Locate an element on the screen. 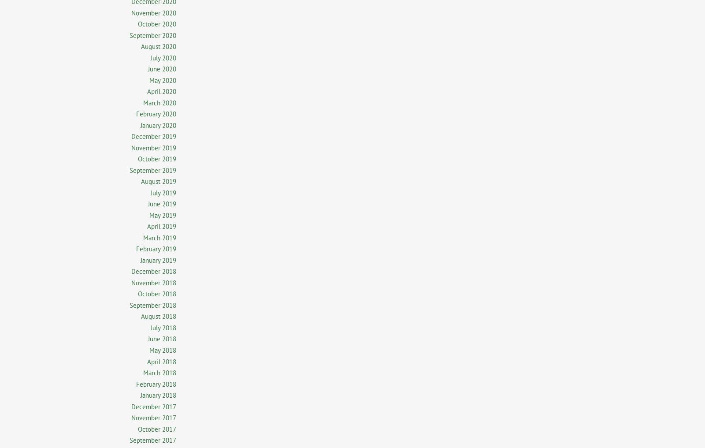 The height and width of the screenshot is (448, 705). 'March 2020' is located at coordinates (160, 102).